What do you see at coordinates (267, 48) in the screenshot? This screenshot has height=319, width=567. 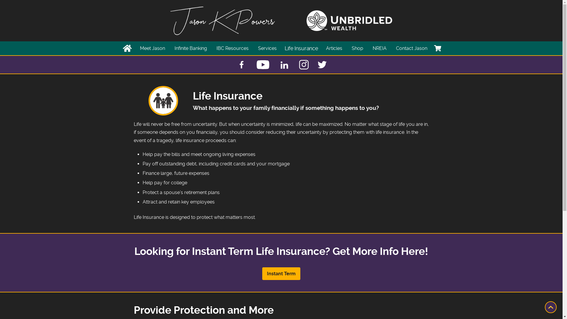 I see `'Services'` at bounding box center [267, 48].